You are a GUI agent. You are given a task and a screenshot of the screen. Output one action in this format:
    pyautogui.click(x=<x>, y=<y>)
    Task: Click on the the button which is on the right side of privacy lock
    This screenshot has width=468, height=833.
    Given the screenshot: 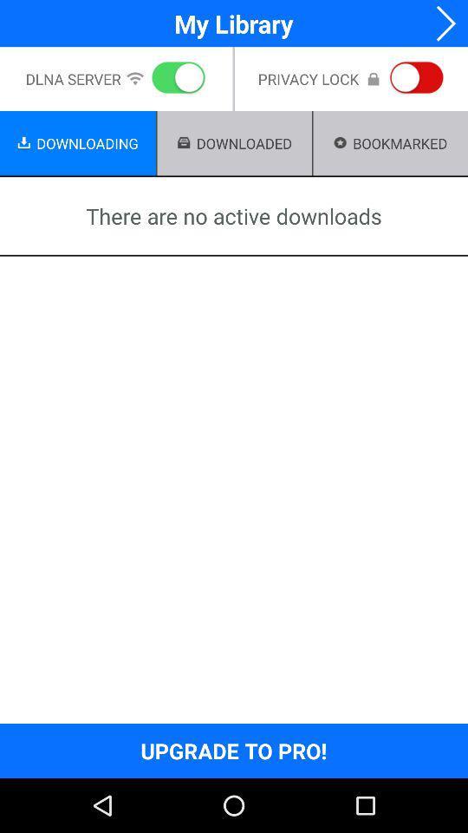 What is the action you would take?
    pyautogui.click(x=412, y=79)
    